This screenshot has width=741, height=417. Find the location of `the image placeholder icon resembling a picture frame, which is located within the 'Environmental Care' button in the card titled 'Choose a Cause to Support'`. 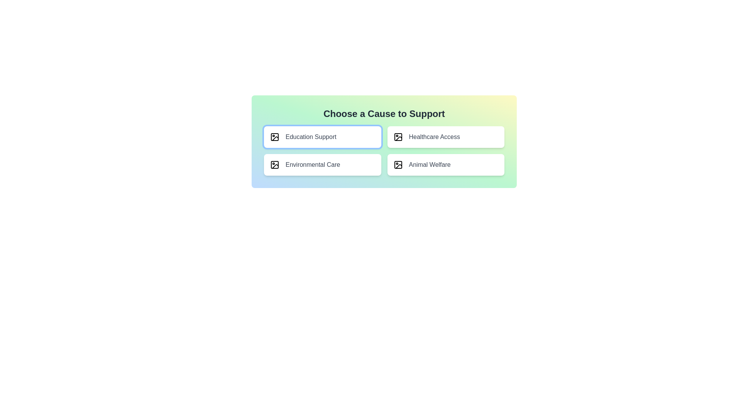

the image placeholder icon resembling a picture frame, which is located within the 'Environmental Care' button in the card titled 'Choose a Cause to Support' is located at coordinates (274, 164).